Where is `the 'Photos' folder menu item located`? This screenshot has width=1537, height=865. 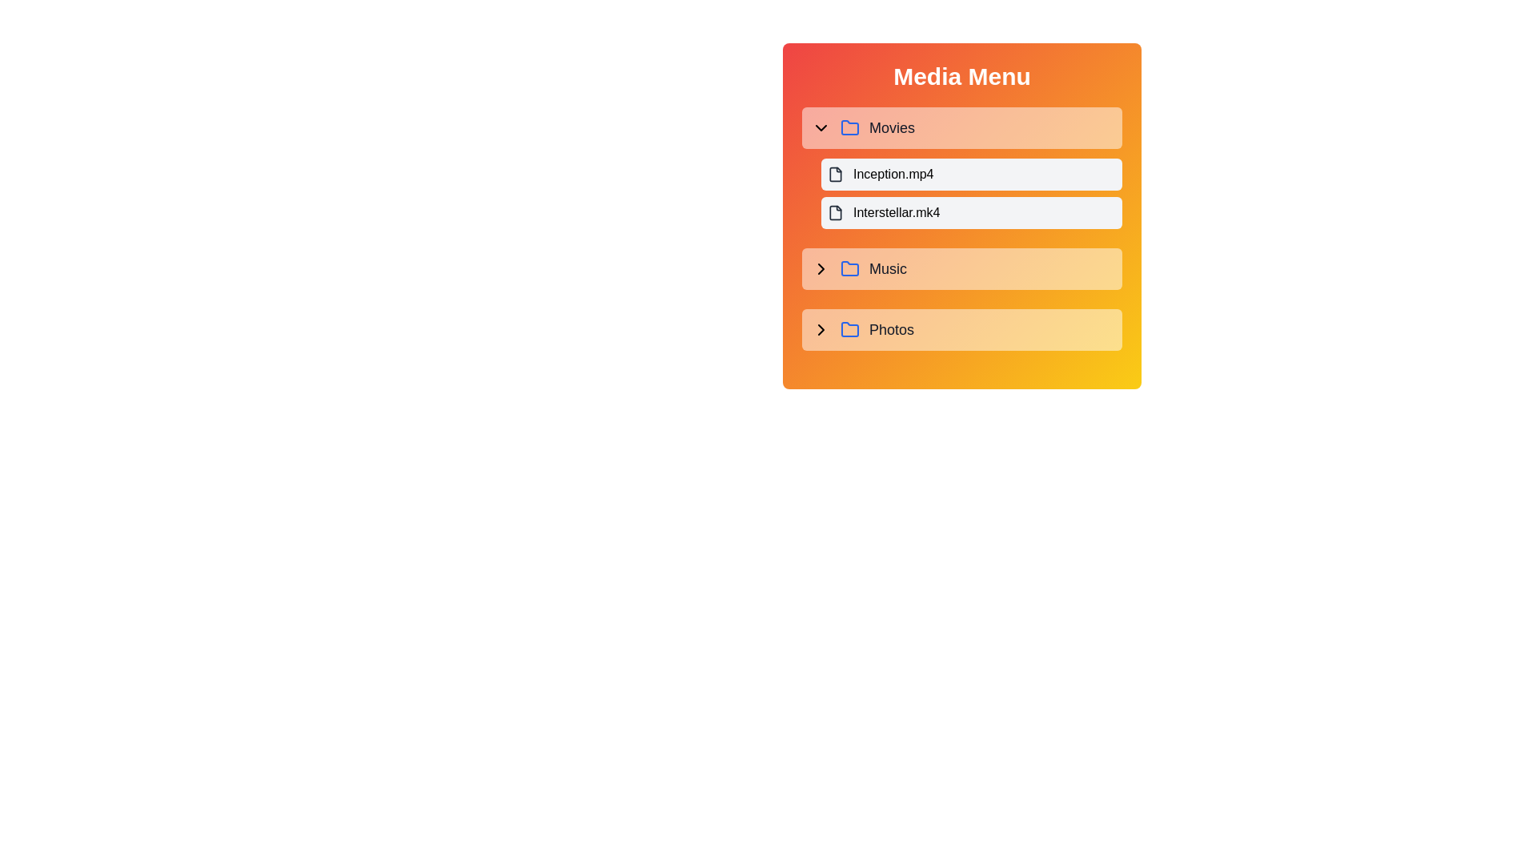
the 'Photos' folder menu item located is located at coordinates (862, 329).